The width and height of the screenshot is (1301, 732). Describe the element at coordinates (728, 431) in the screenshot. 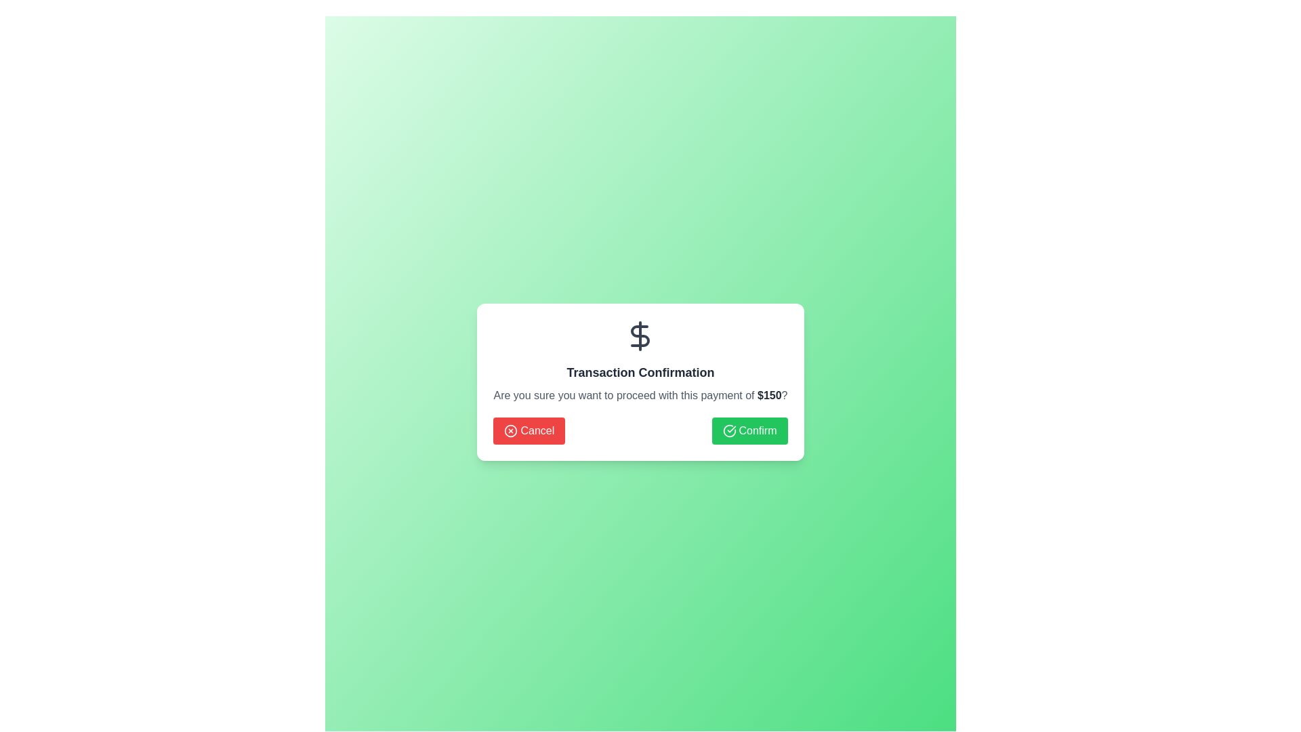

I see `the check mark icon within the 'Confirm' button, which is positioned at the bottom-right corner of the modal dialog box` at that location.